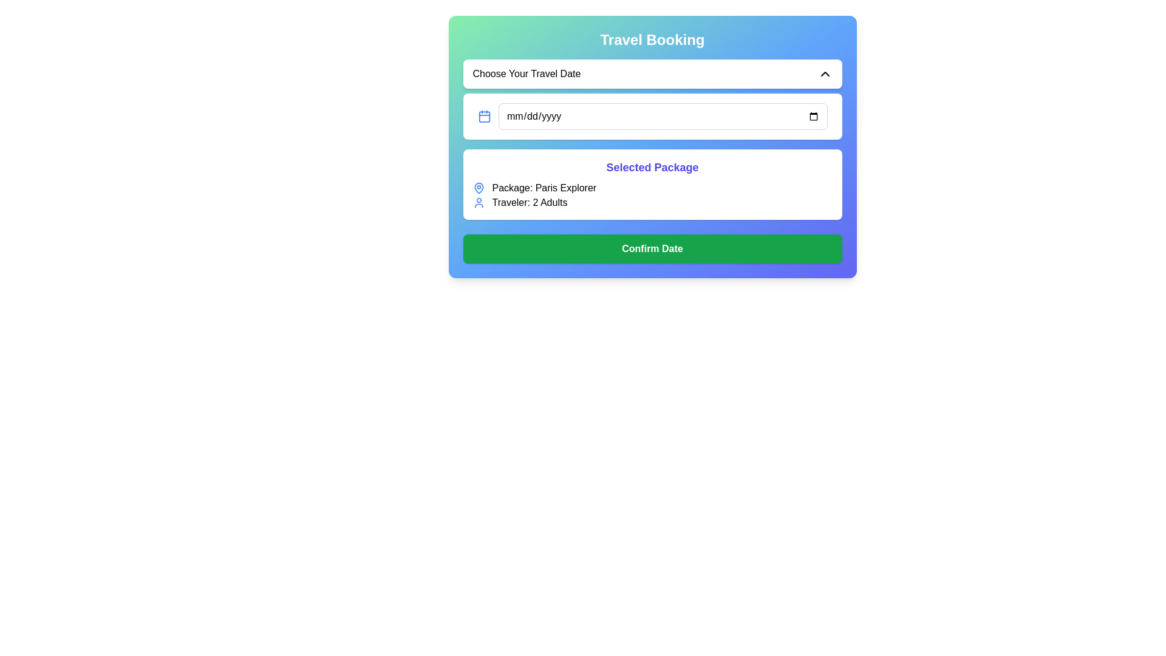 Image resolution: width=1166 pixels, height=656 pixels. What do you see at coordinates (483, 117) in the screenshot?
I see `the calendar icon located to the immediate left of the text input field with placeholder 'mm/dd/yyyy' in the 'Choose Your Travel Date' section` at bounding box center [483, 117].